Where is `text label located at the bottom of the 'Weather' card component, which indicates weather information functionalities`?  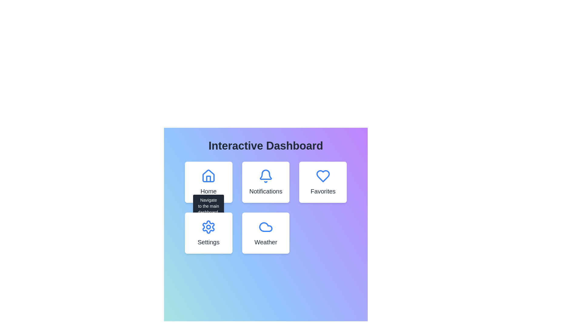
text label located at the bottom of the 'Weather' card component, which indicates weather information functionalities is located at coordinates (266, 242).